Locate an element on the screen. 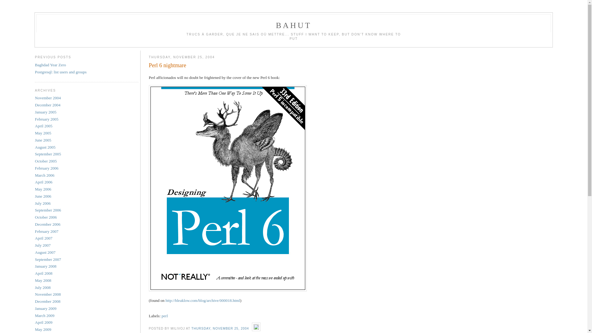  'August 2007' is located at coordinates (45, 252).